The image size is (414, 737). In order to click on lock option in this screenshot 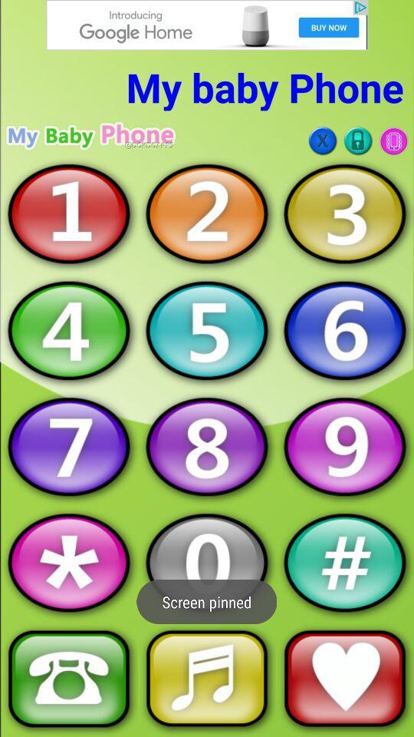, I will do `click(358, 140)`.